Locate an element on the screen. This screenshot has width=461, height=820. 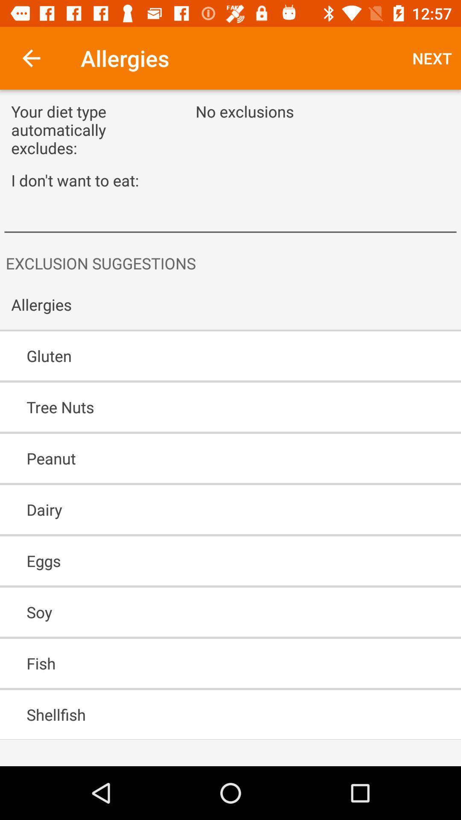
gluten icon is located at coordinates (206, 356).